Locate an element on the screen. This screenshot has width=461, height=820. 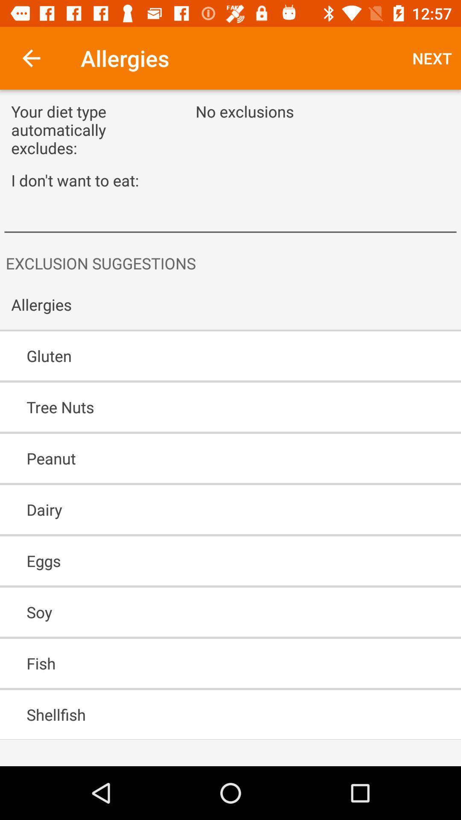
gluten icon is located at coordinates (206, 356).